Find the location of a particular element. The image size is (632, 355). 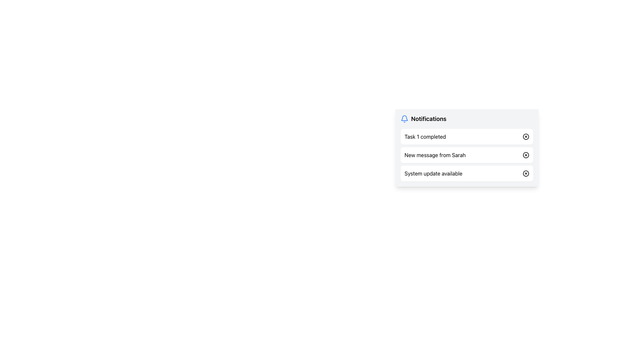

the Notification block for 'Task 1' is located at coordinates (466, 136).